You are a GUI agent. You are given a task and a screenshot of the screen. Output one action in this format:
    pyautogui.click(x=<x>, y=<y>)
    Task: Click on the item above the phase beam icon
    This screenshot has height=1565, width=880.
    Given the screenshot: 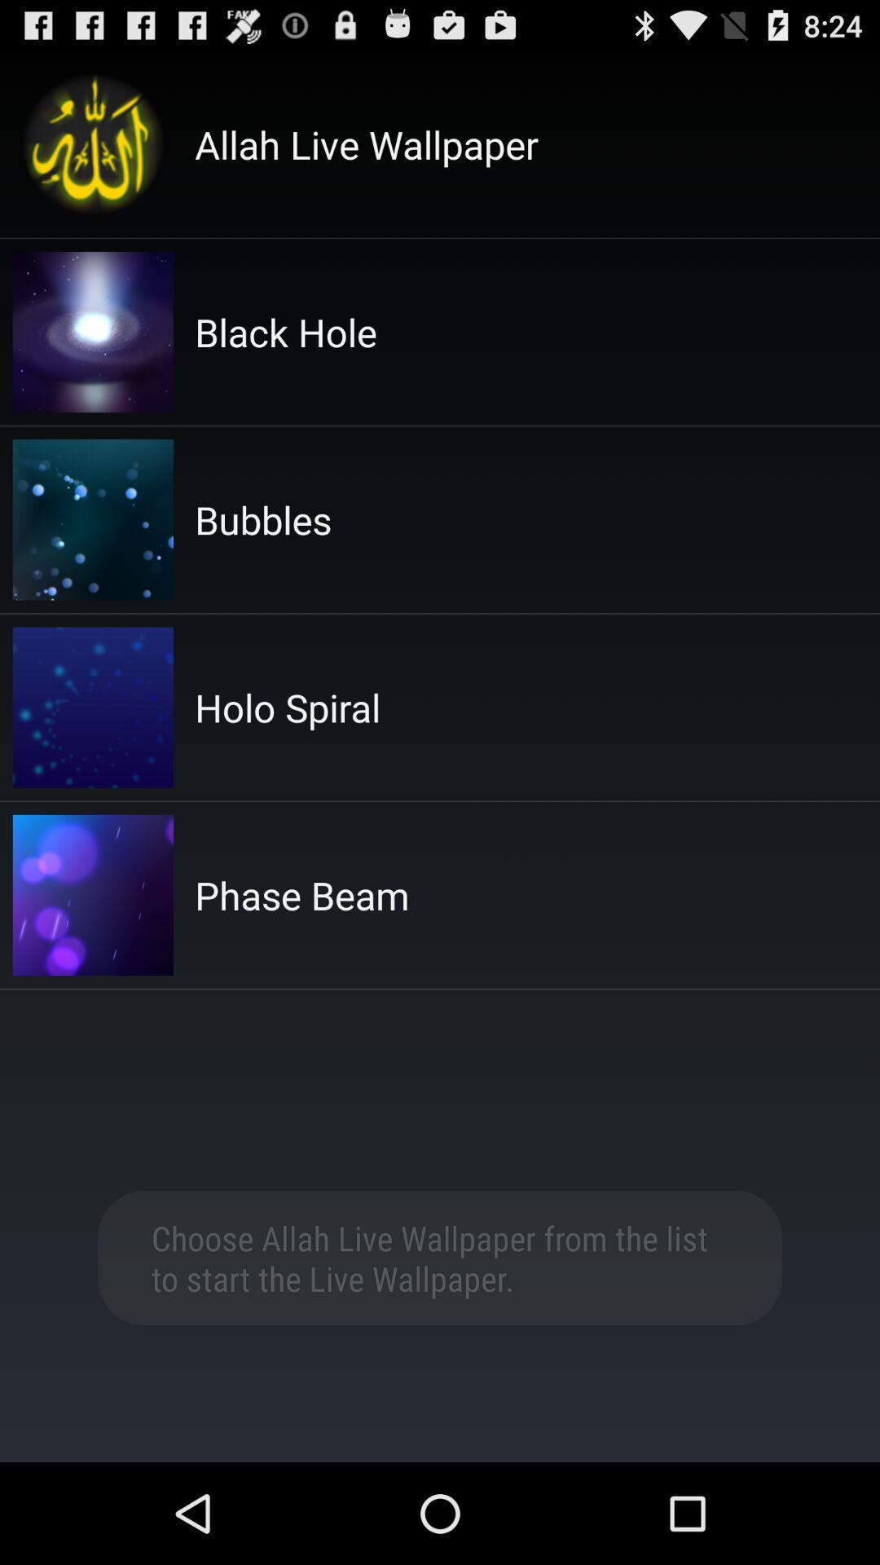 What is the action you would take?
    pyautogui.click(x=287, y=708)
    